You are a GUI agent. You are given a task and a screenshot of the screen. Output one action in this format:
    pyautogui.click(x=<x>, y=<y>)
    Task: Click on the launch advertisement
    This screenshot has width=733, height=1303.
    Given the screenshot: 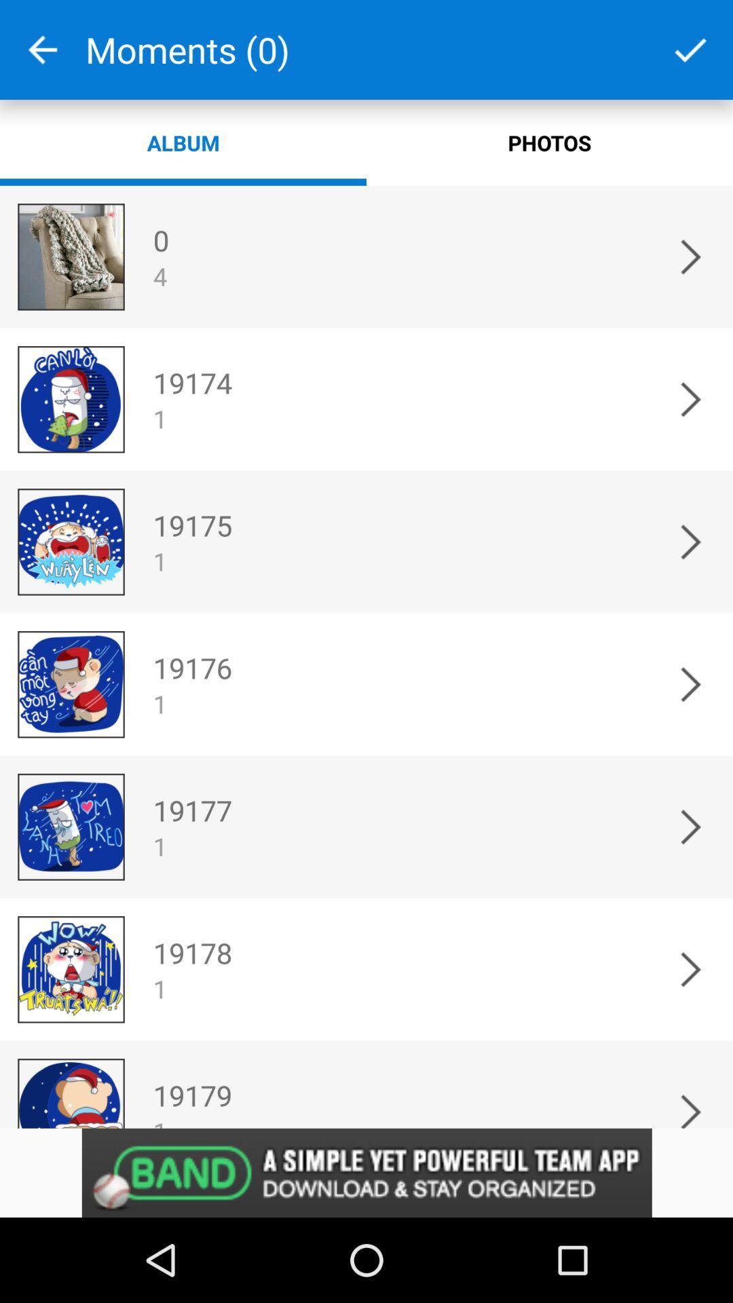 What is the action you would take?
    pyautogui.click(x=366, y=1172)
    